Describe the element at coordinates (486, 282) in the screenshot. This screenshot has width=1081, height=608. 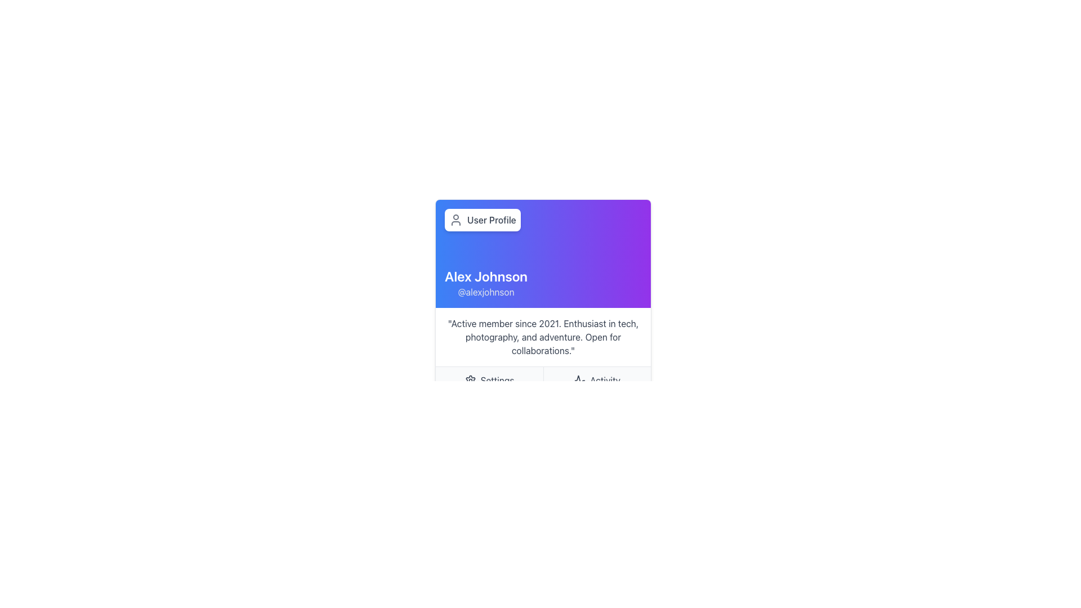
I see `the text element displaying the name 'Alex Johnson' styled in white and bold font, which is positioned above the username '@alexjohnson' on a colorful gradient background` at that location.